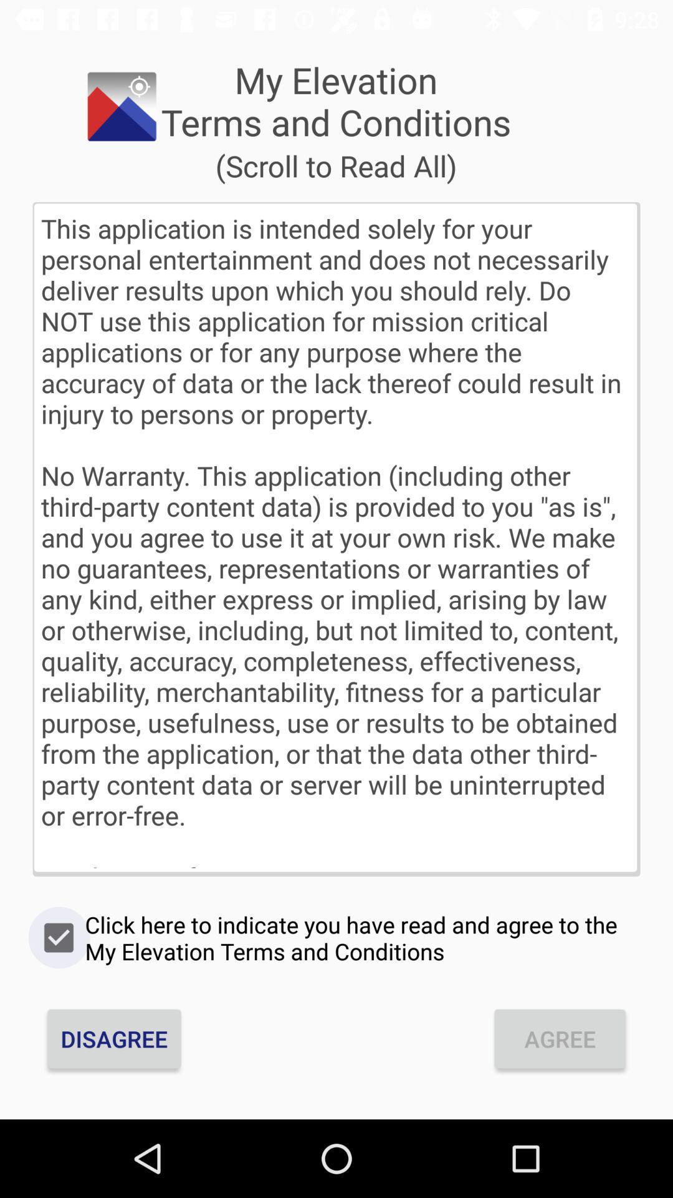 Image resolution: width=673 pixels, height=1198 pixels. I want to click on the item above the disagree item, so click(336, 938).